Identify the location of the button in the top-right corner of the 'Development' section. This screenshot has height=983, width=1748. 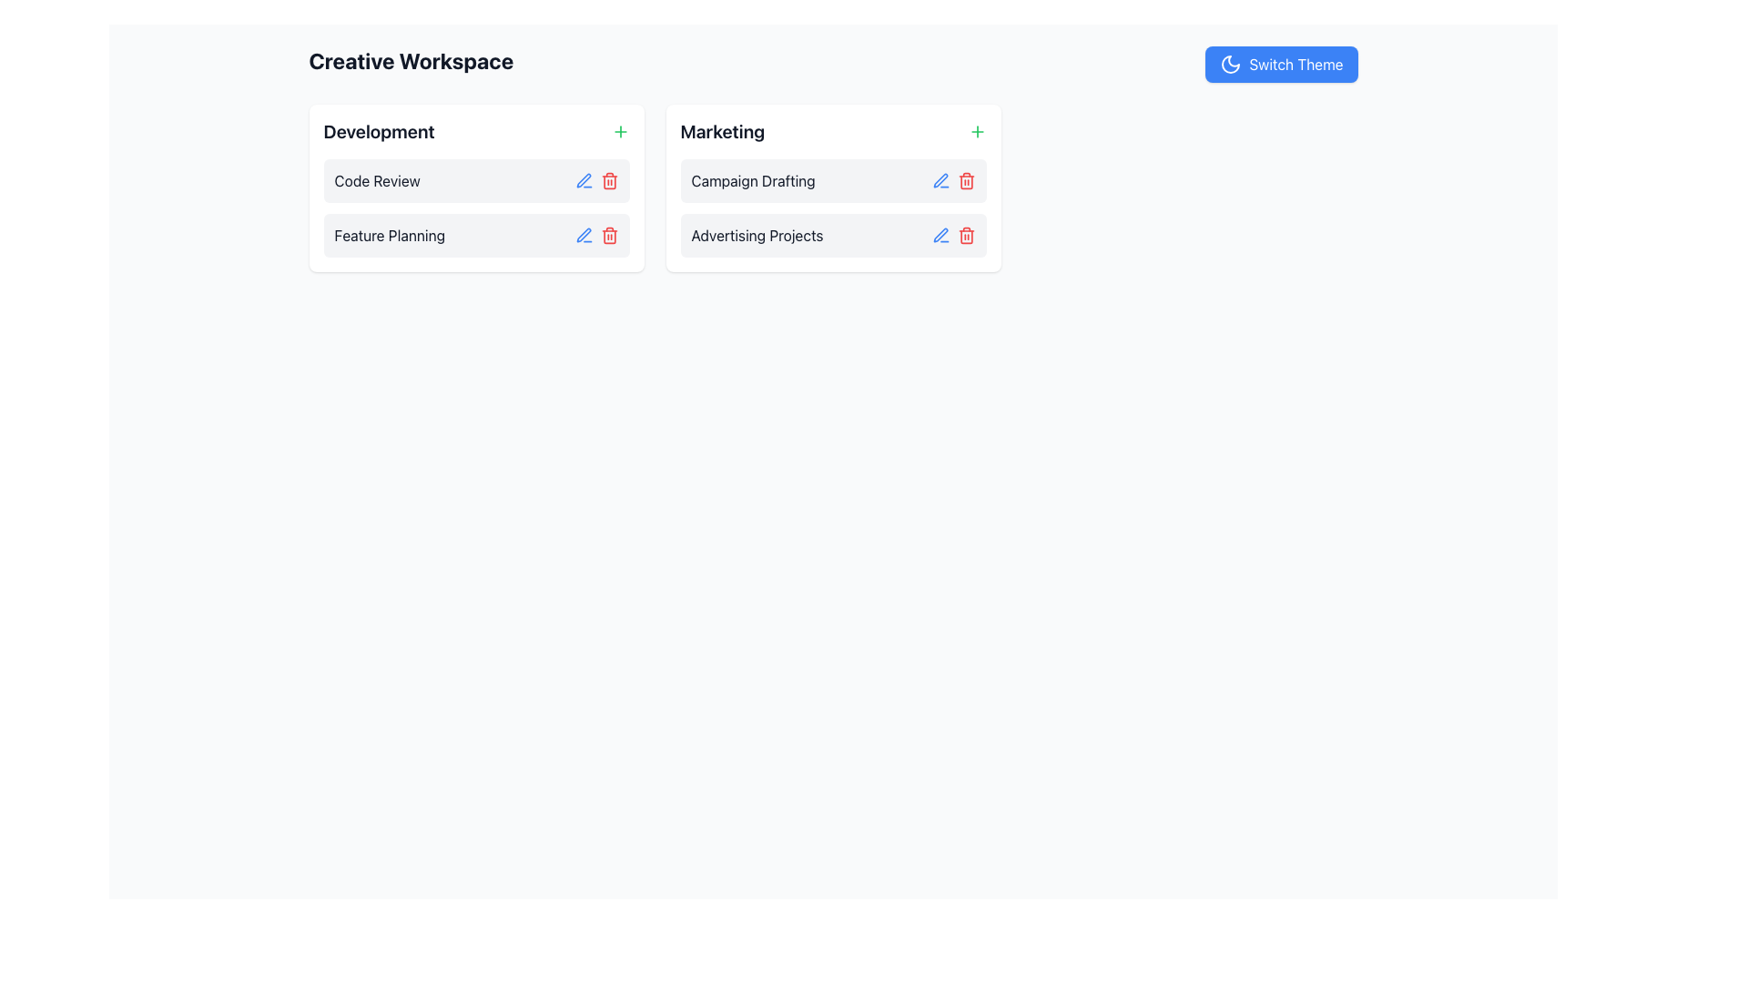
(620, 131).